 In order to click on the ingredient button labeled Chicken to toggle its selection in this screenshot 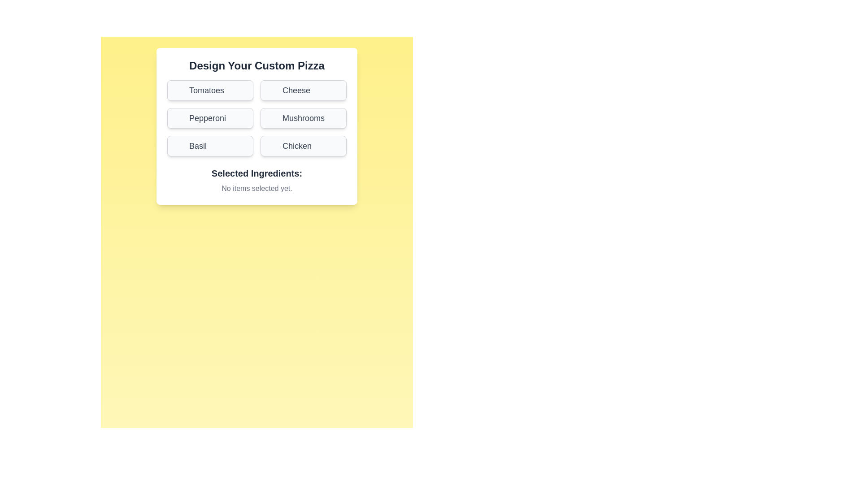, I will do `click(303, 146)`.